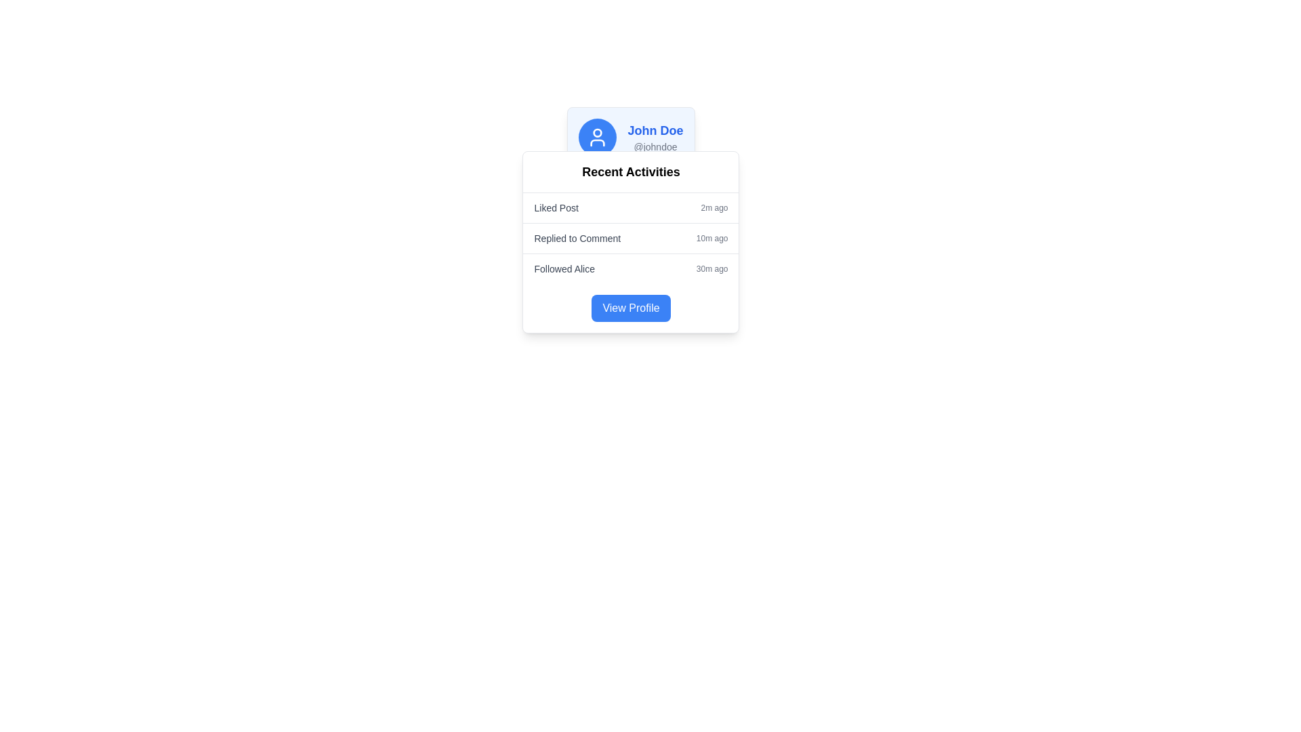 This screenshot has width=1301, height=732. I want to click on the text label displaying 'Followed Alice', which is a smaller gray font indicating a recent activity in the user interface card, so click(564, 269).